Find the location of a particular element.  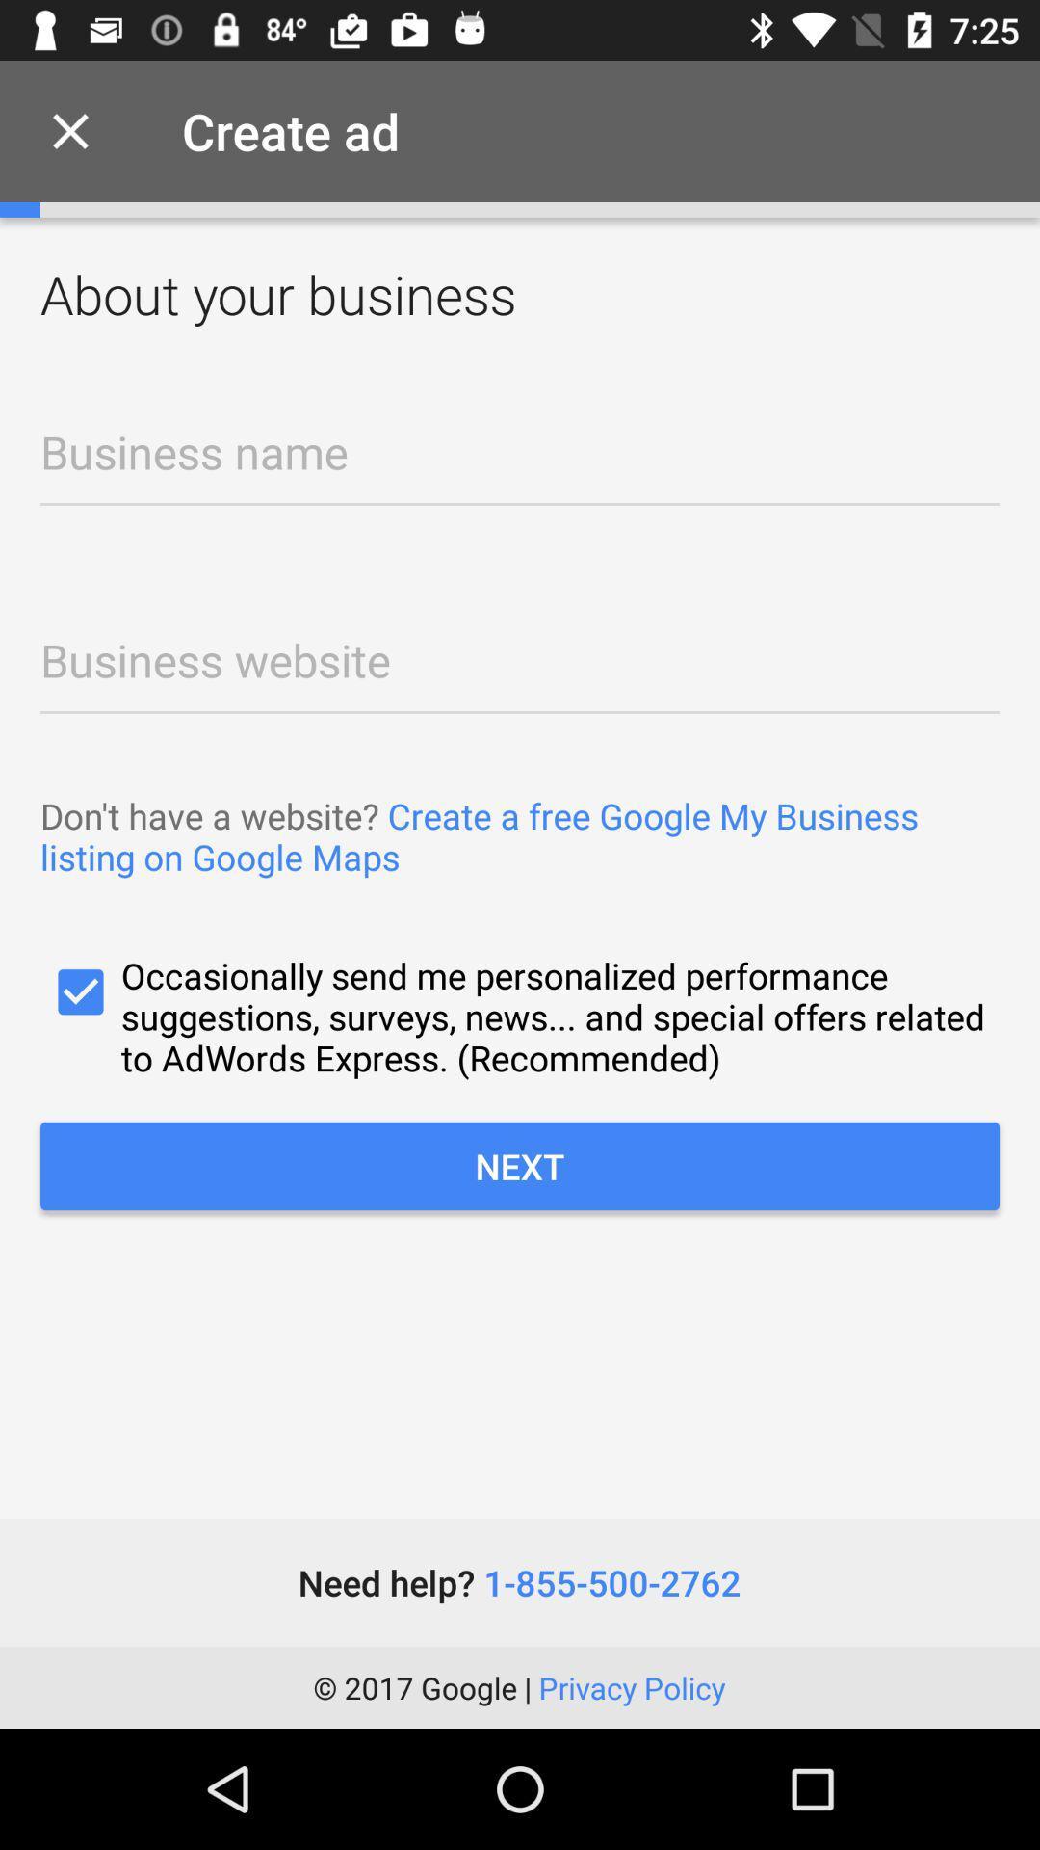

the occasionally send me icon is located at coordinates (520, 1016).